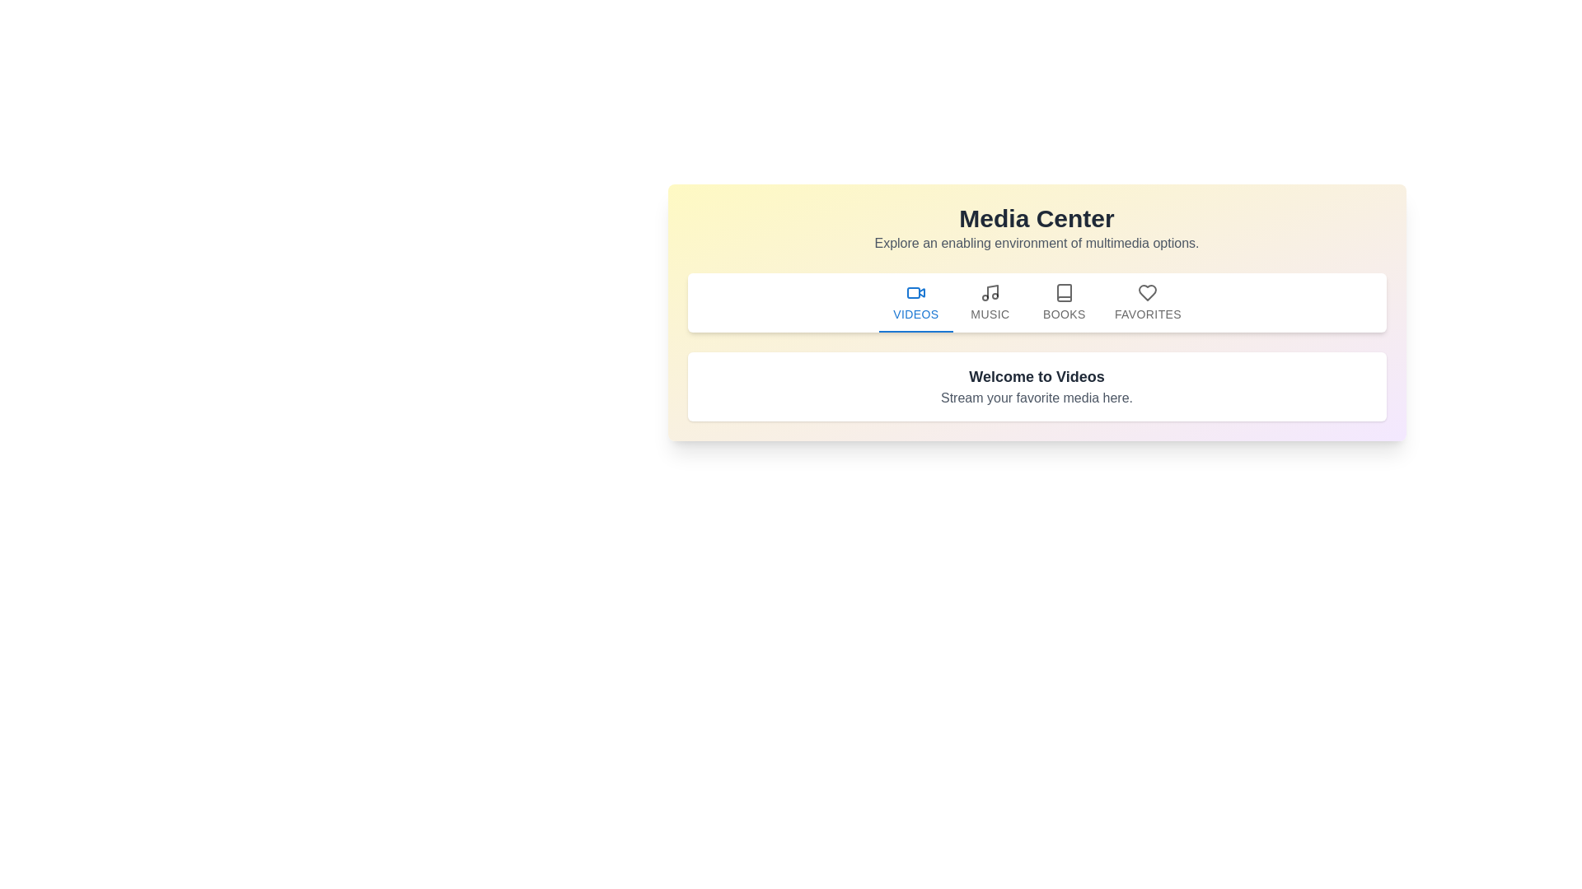 The height and width of the screenshot is (889, 1582). Describe the element at coordinates (915, 331) in the screenshot. I see `the Active tab indicator located beneath the 'Videos' tab in the tab navigation menu to visually indicate it as the currently active tab` at that location.